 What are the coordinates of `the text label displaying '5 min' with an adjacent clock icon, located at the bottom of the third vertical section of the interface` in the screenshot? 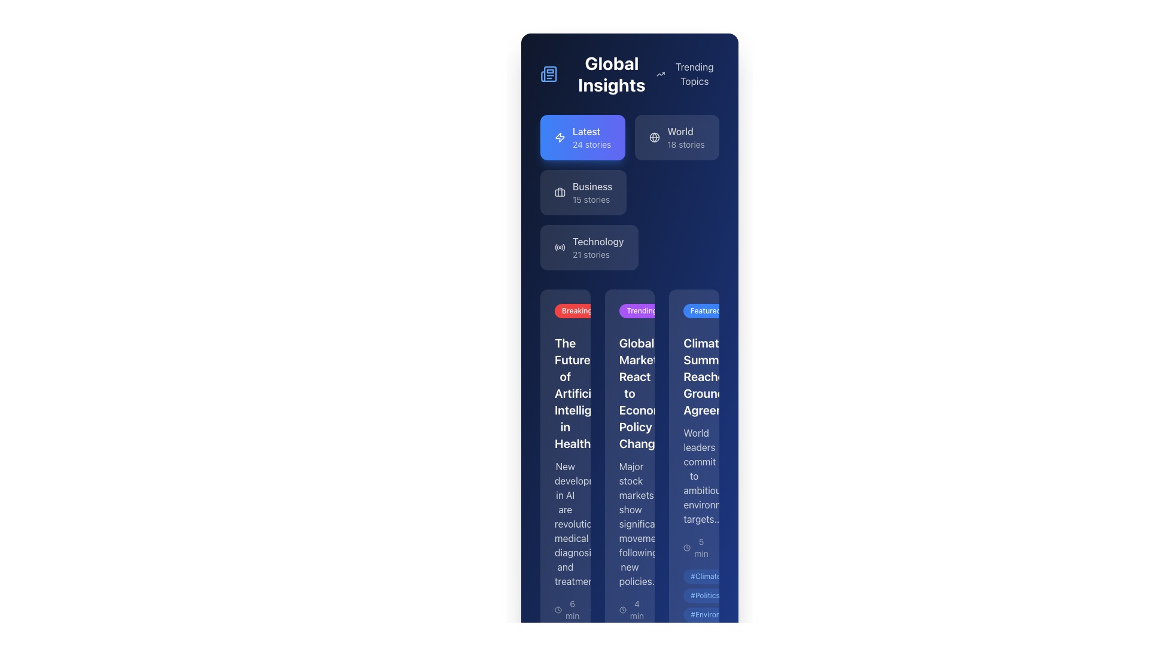 It's located at (697, 547).